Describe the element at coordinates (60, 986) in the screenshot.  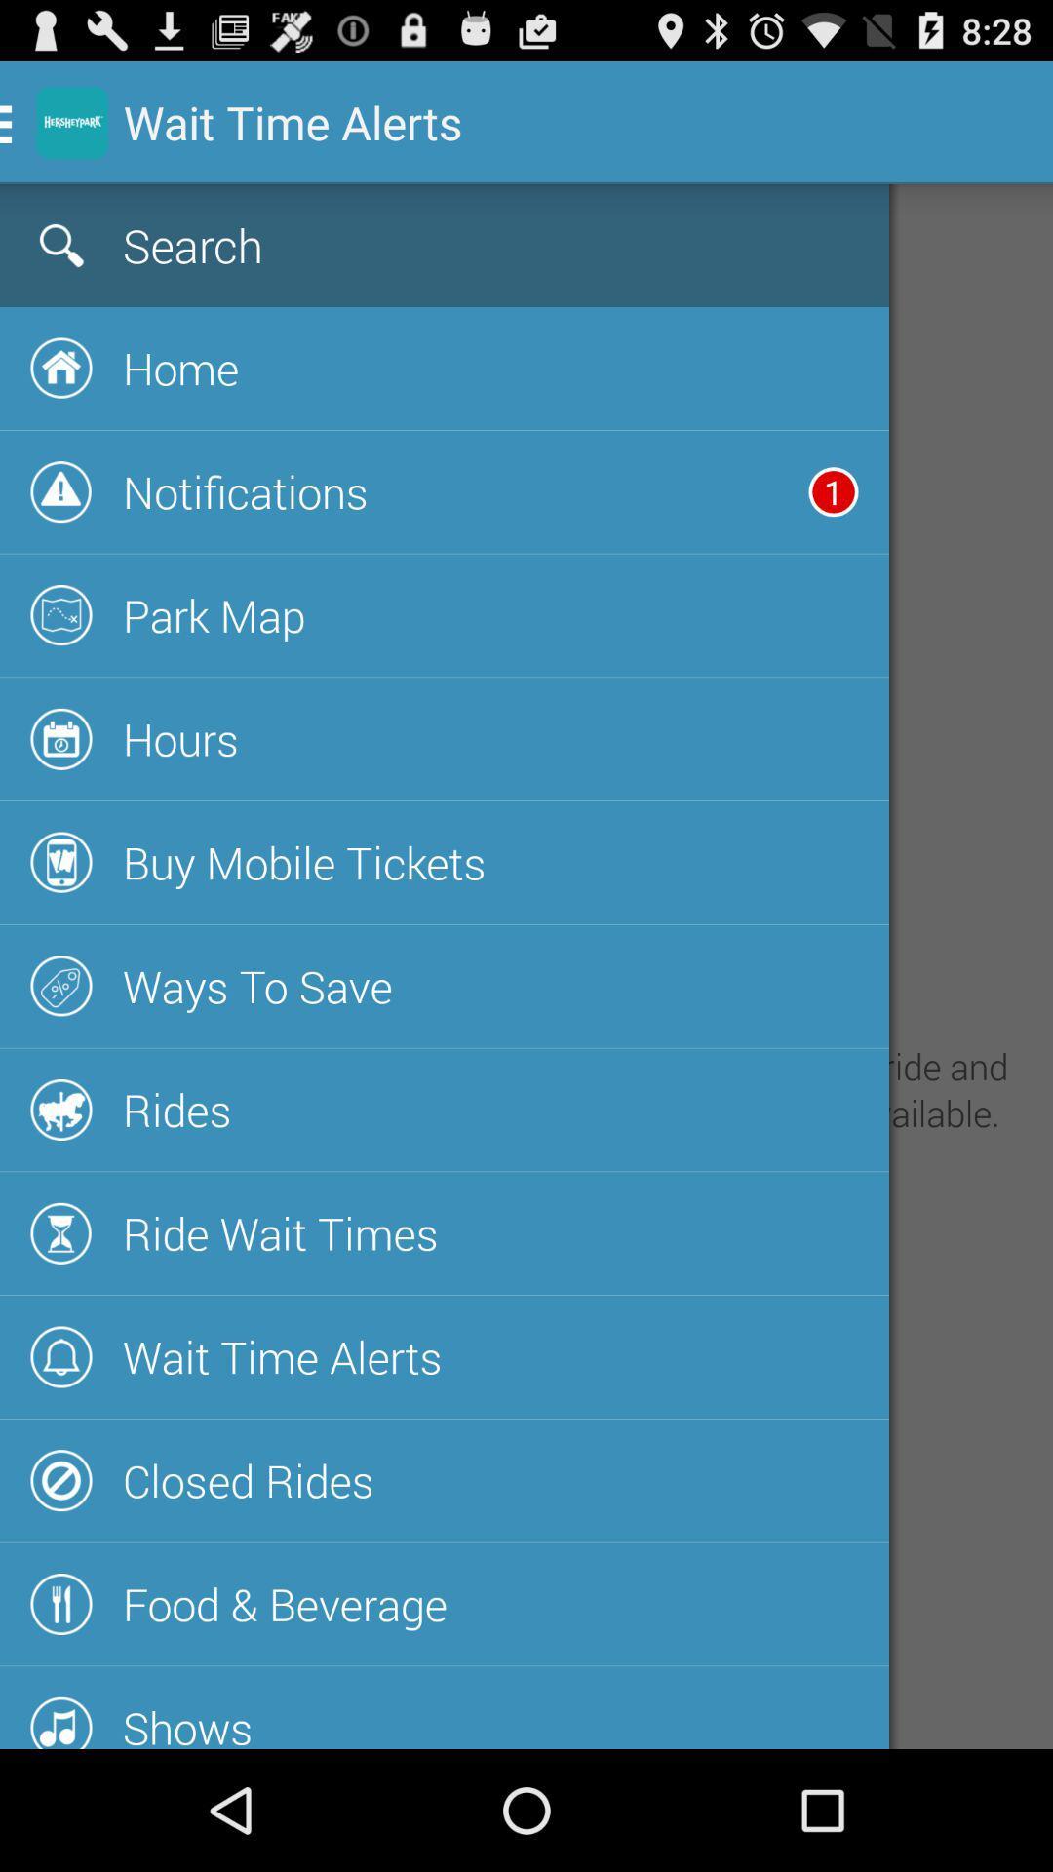
I see `the icon beside ways to save` at that location.